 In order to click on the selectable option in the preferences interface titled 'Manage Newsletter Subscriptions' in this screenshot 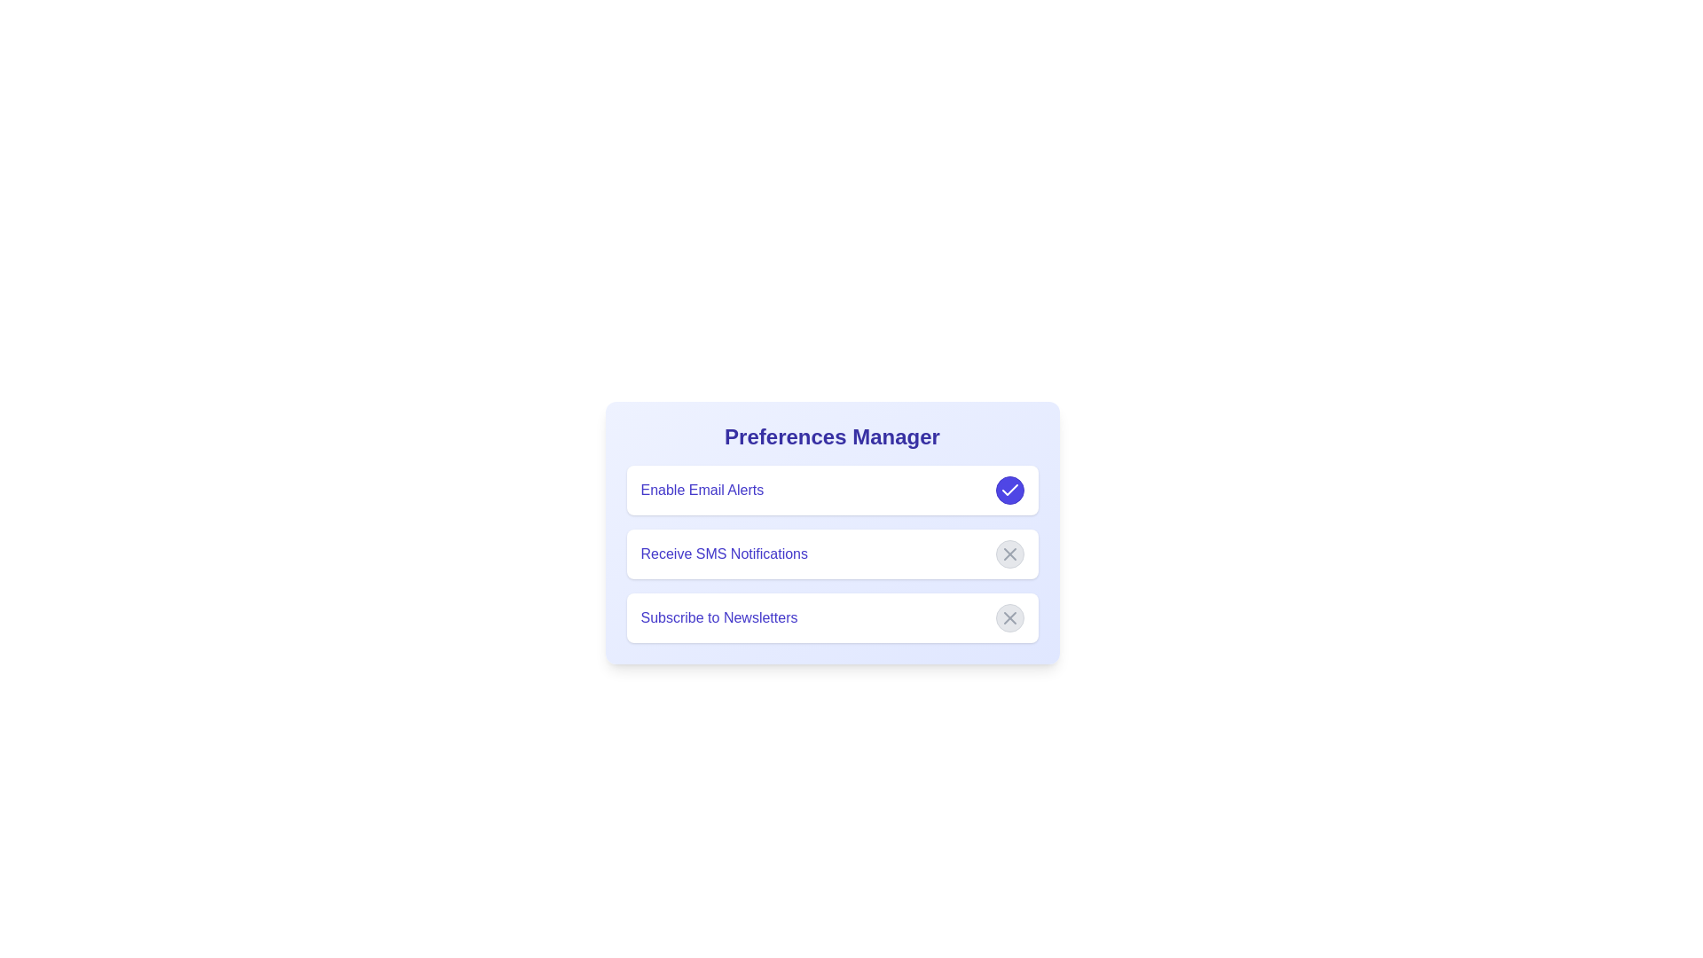, I will do `click(831, 617)`.